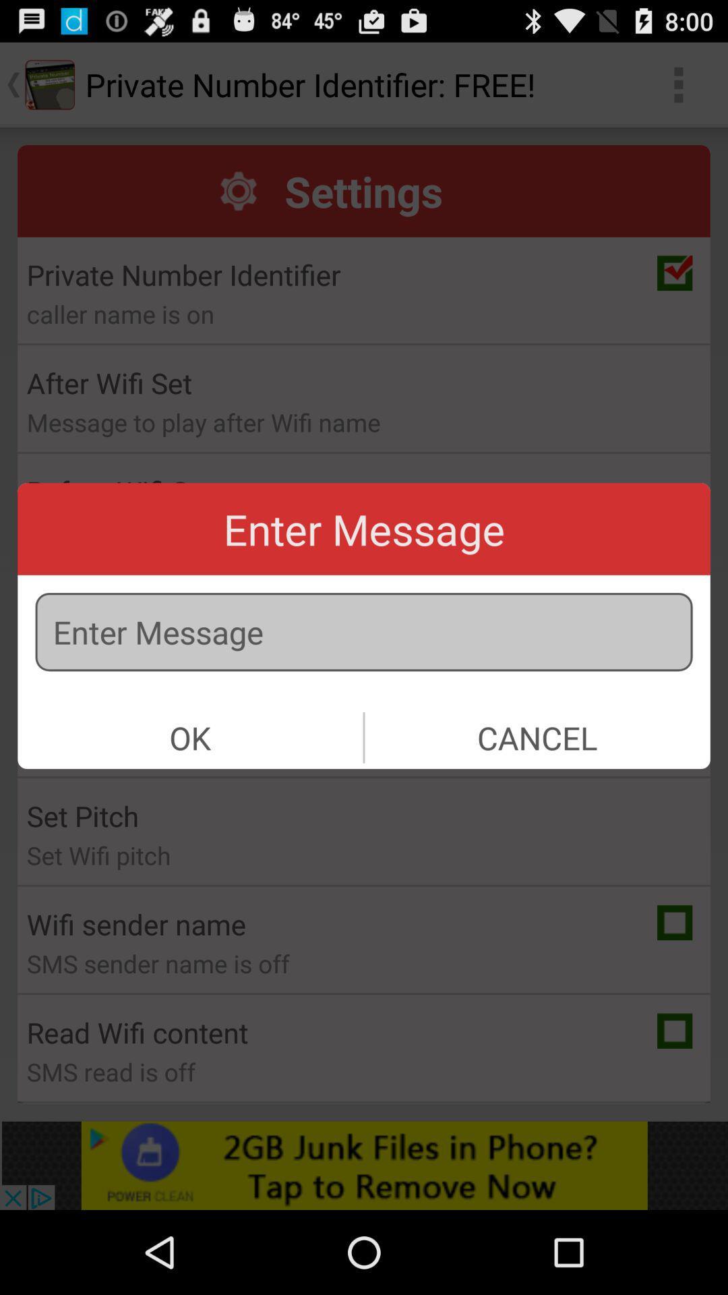  Describe the element at coordinates (364, 631) in the screenshot. I see `or type a message` at that location.